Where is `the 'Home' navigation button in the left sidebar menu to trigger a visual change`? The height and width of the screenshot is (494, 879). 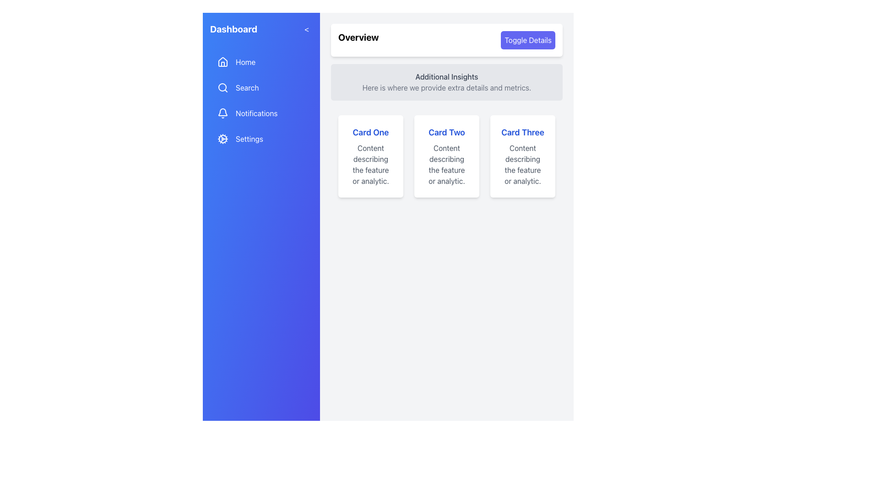
the 'Home' navigation button in the left sidebar menu to trigger a visual change is located at coordinates (261, 62).